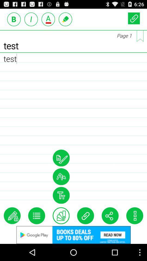  I want to click on the more icon, so click(134, 231).